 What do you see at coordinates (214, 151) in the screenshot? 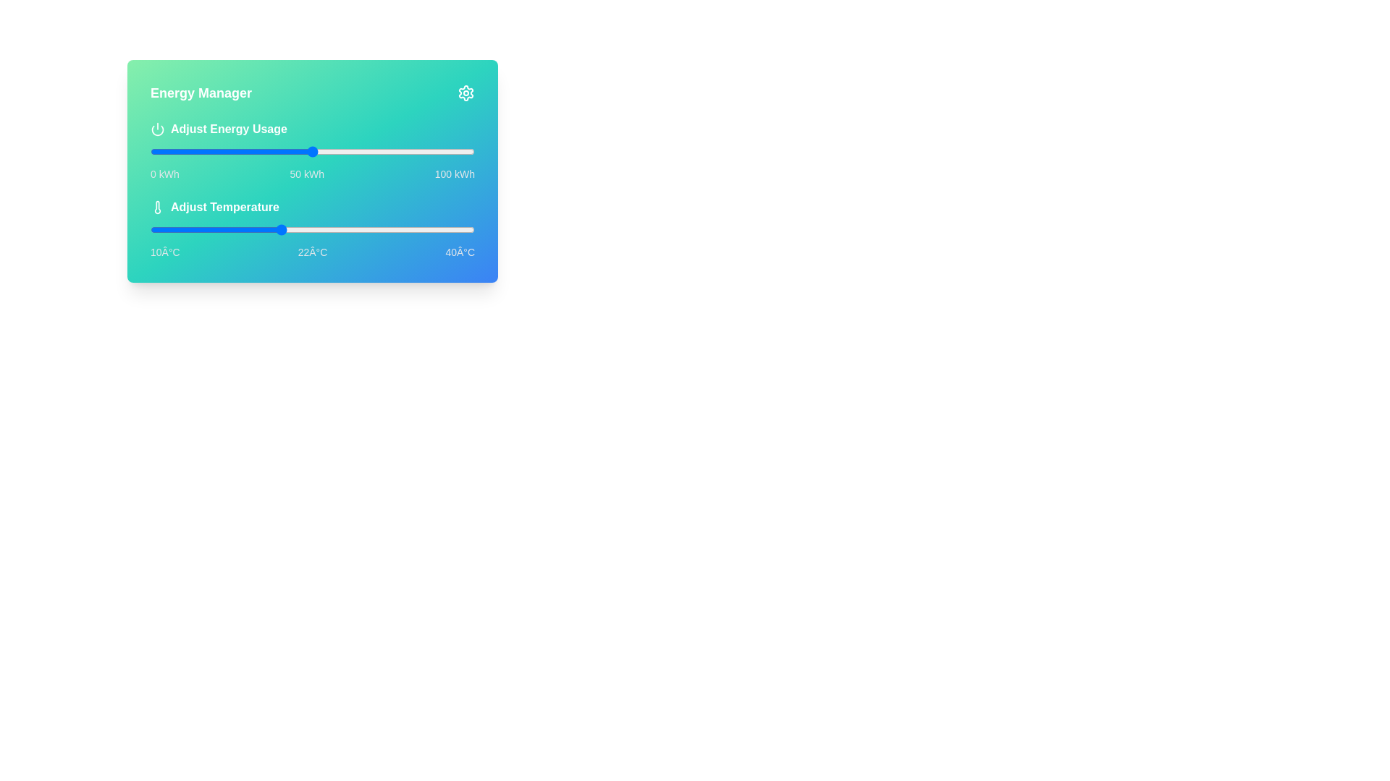
I see `the energy usage slider to 20 kWh` at bounding box center [214, 151].